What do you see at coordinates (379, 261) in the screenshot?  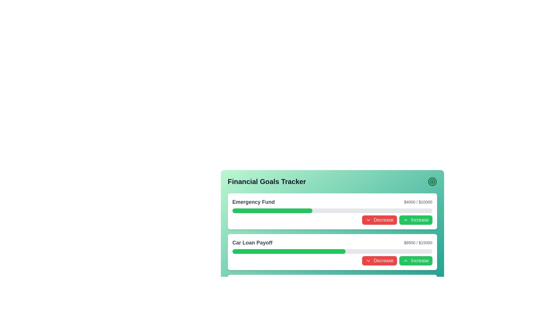 I see `the decrement button in the 'Car Loan Payoff' section of the 'Financial Goals Tracker' interface to decrease the associated value` at bounding box center [379, 261].